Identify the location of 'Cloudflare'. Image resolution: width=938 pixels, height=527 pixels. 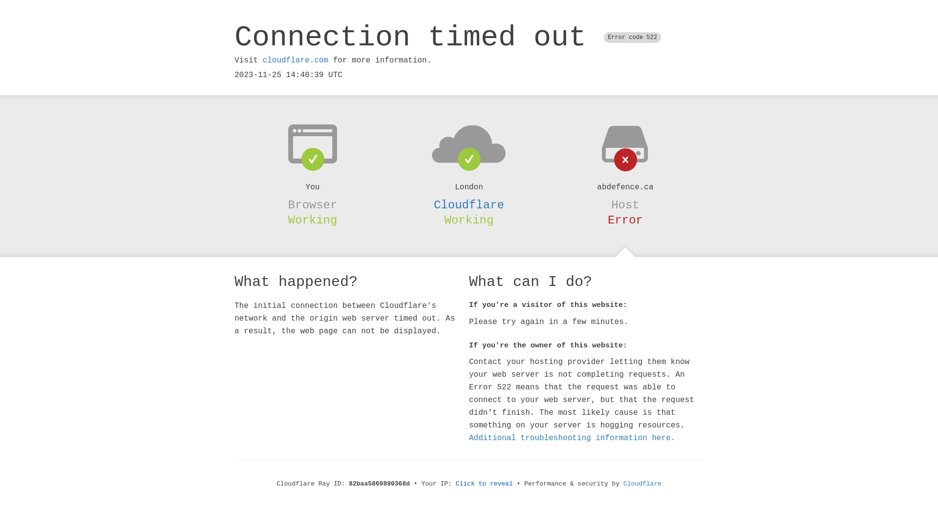
(469, 204).